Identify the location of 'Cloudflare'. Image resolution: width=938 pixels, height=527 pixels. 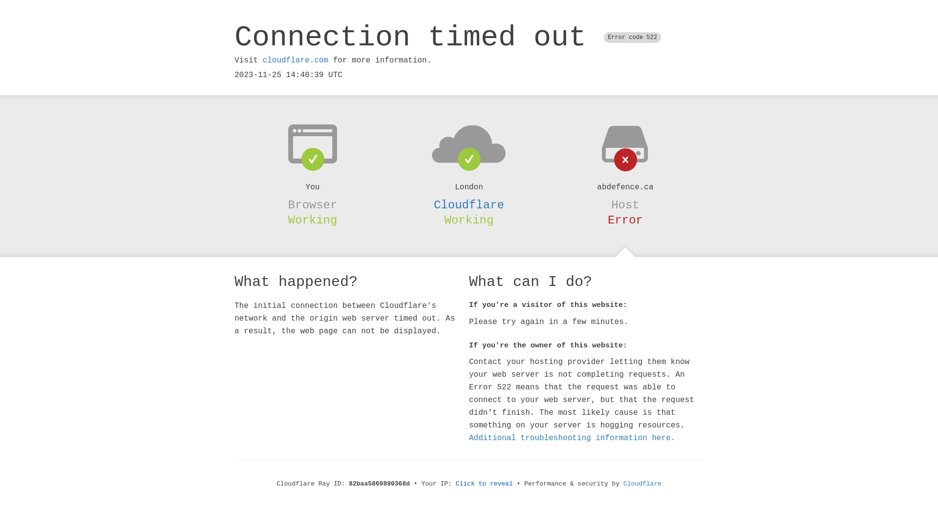
(469, 204).